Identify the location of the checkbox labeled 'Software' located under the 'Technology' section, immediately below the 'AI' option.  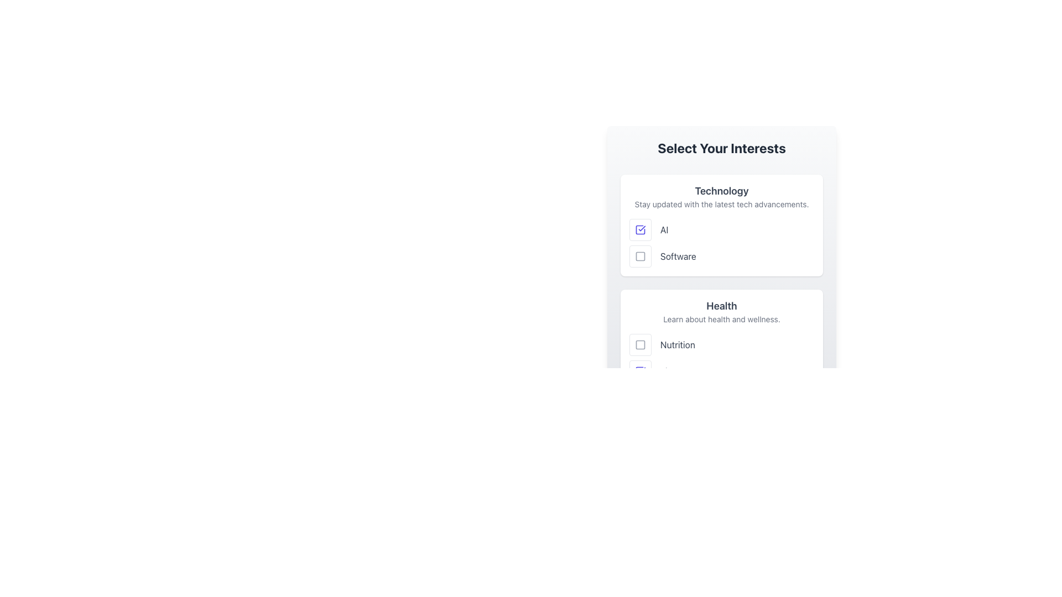
(722, 256).